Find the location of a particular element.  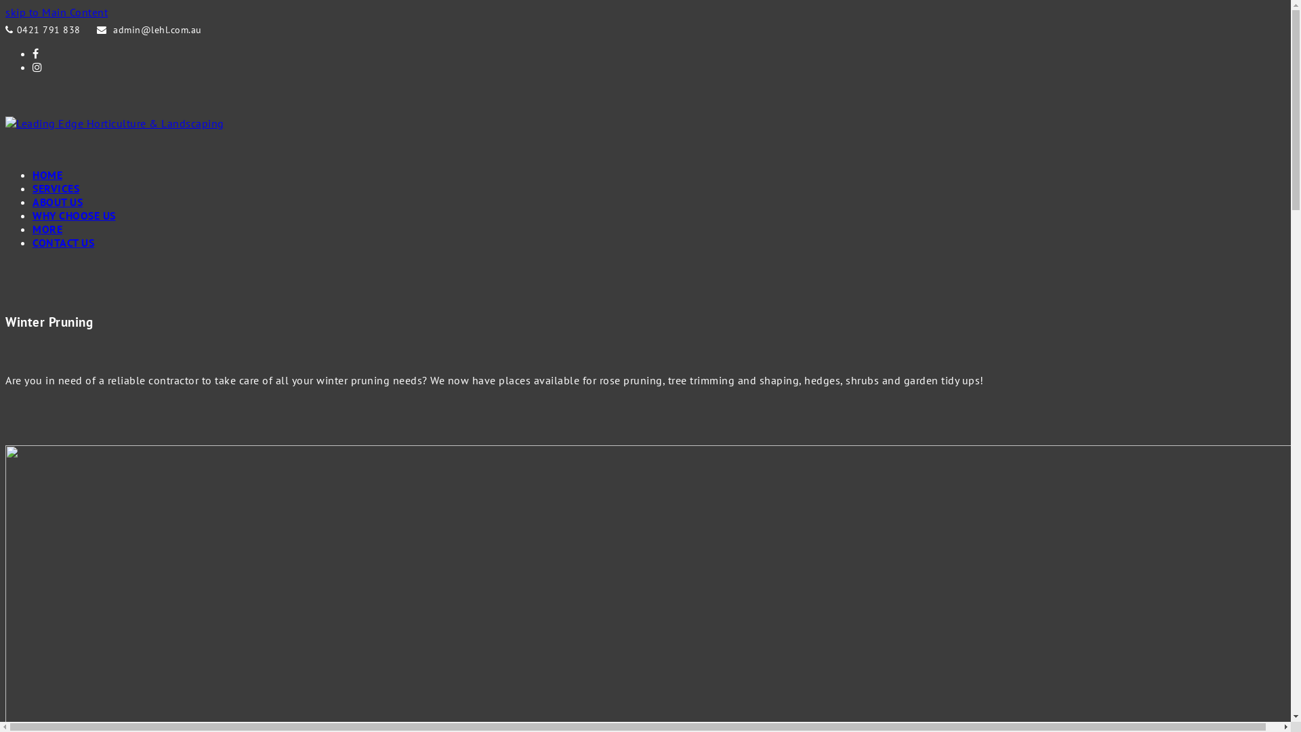

'ABOUT US' is located at coordinates (57, 201).